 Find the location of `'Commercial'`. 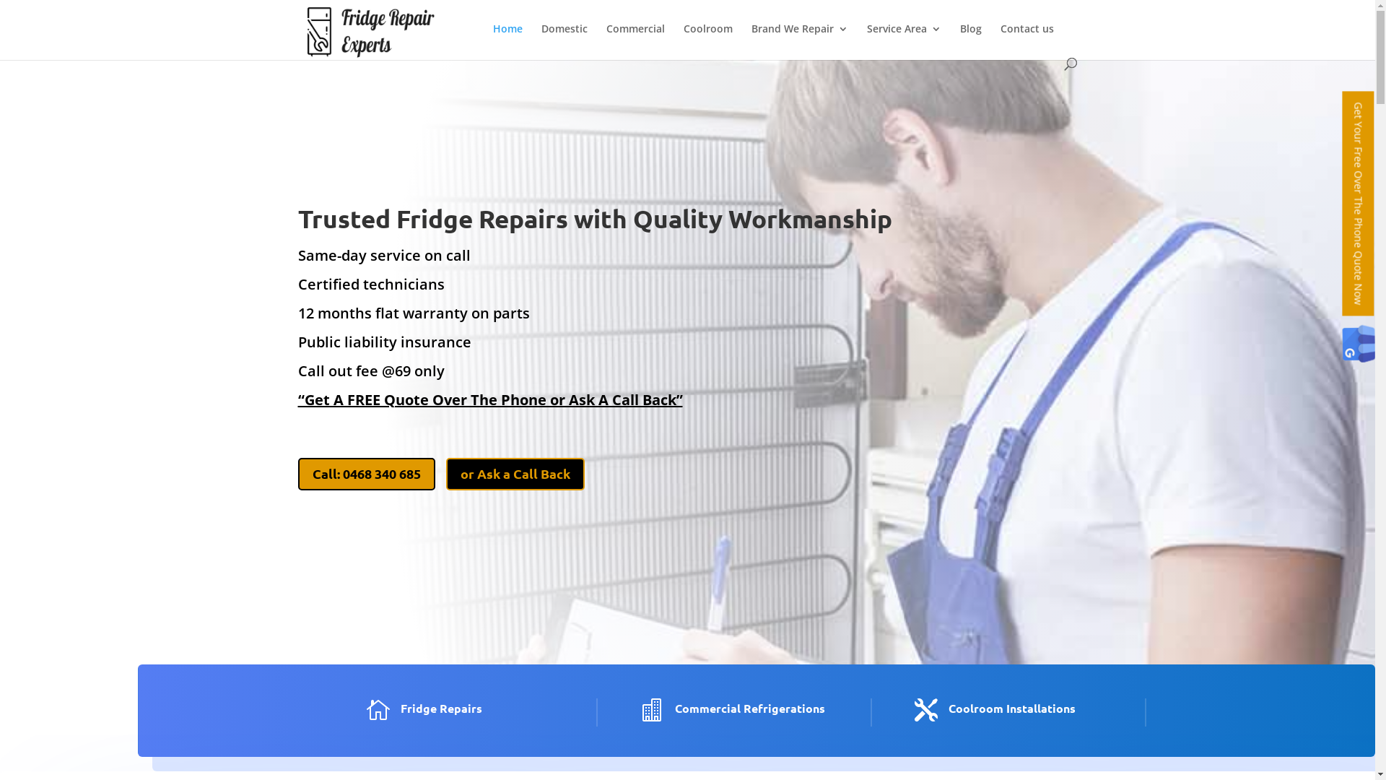

'Commercial' is located at coordinates (635, 40).